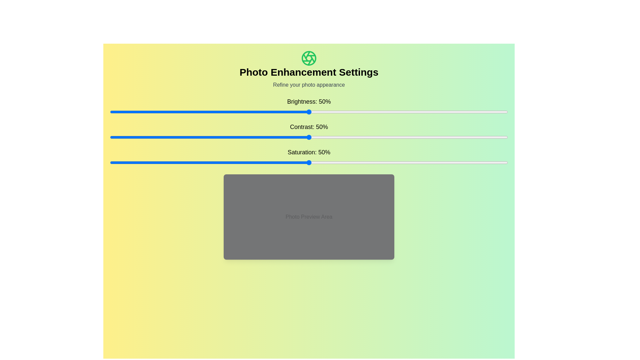  What do you see at coordinates (444, 137) in the screenshot?
I see `the contrast slider to set the contrast to 84%` at bounding box center [444, 137].